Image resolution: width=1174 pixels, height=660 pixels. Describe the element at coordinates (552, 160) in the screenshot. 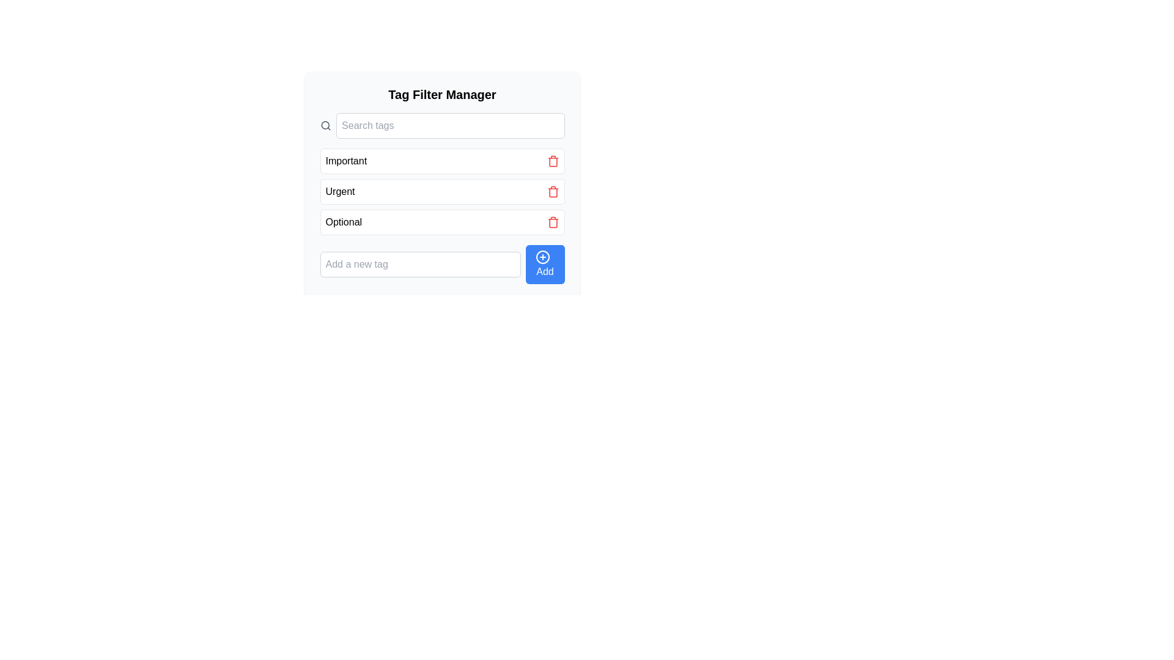

I see `the Icon button located at the far right of the 'Important' row` at that location.